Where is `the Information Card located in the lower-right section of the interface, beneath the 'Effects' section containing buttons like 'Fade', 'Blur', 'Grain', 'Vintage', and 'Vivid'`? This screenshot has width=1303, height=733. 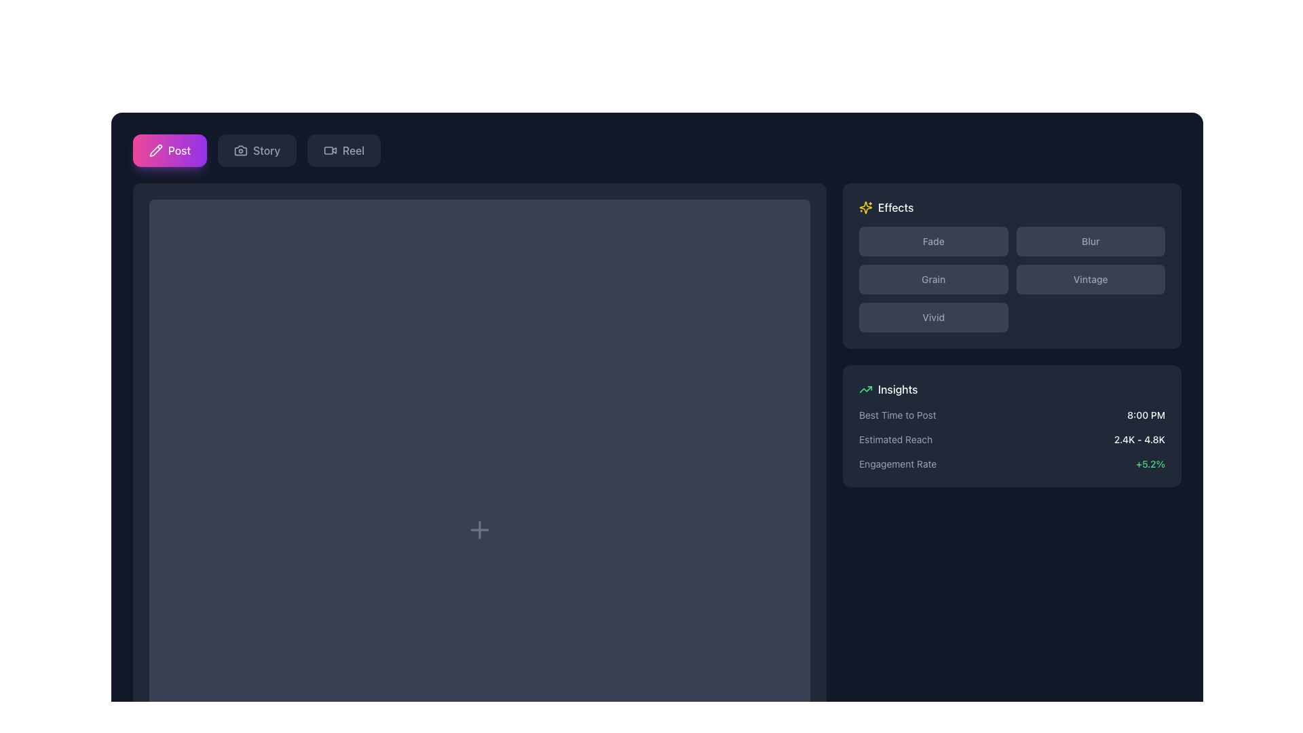 the Information Card located in the lower-right section of the interface, beneath the 'Effects' section containing buttons like 'Fade', 'Blur', 'Grain', 'Vintage', and 'Vivid' is located at coordinates (1012, 426).